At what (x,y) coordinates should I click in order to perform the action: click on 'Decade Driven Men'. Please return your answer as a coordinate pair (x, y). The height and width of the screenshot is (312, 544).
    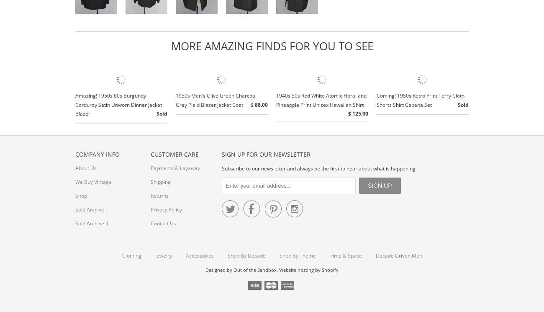
    Looking at the image, I should click on (398, 255).